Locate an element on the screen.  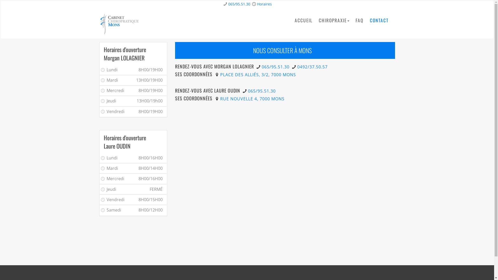
'CONTACT' is located at coordinates (379, 20).